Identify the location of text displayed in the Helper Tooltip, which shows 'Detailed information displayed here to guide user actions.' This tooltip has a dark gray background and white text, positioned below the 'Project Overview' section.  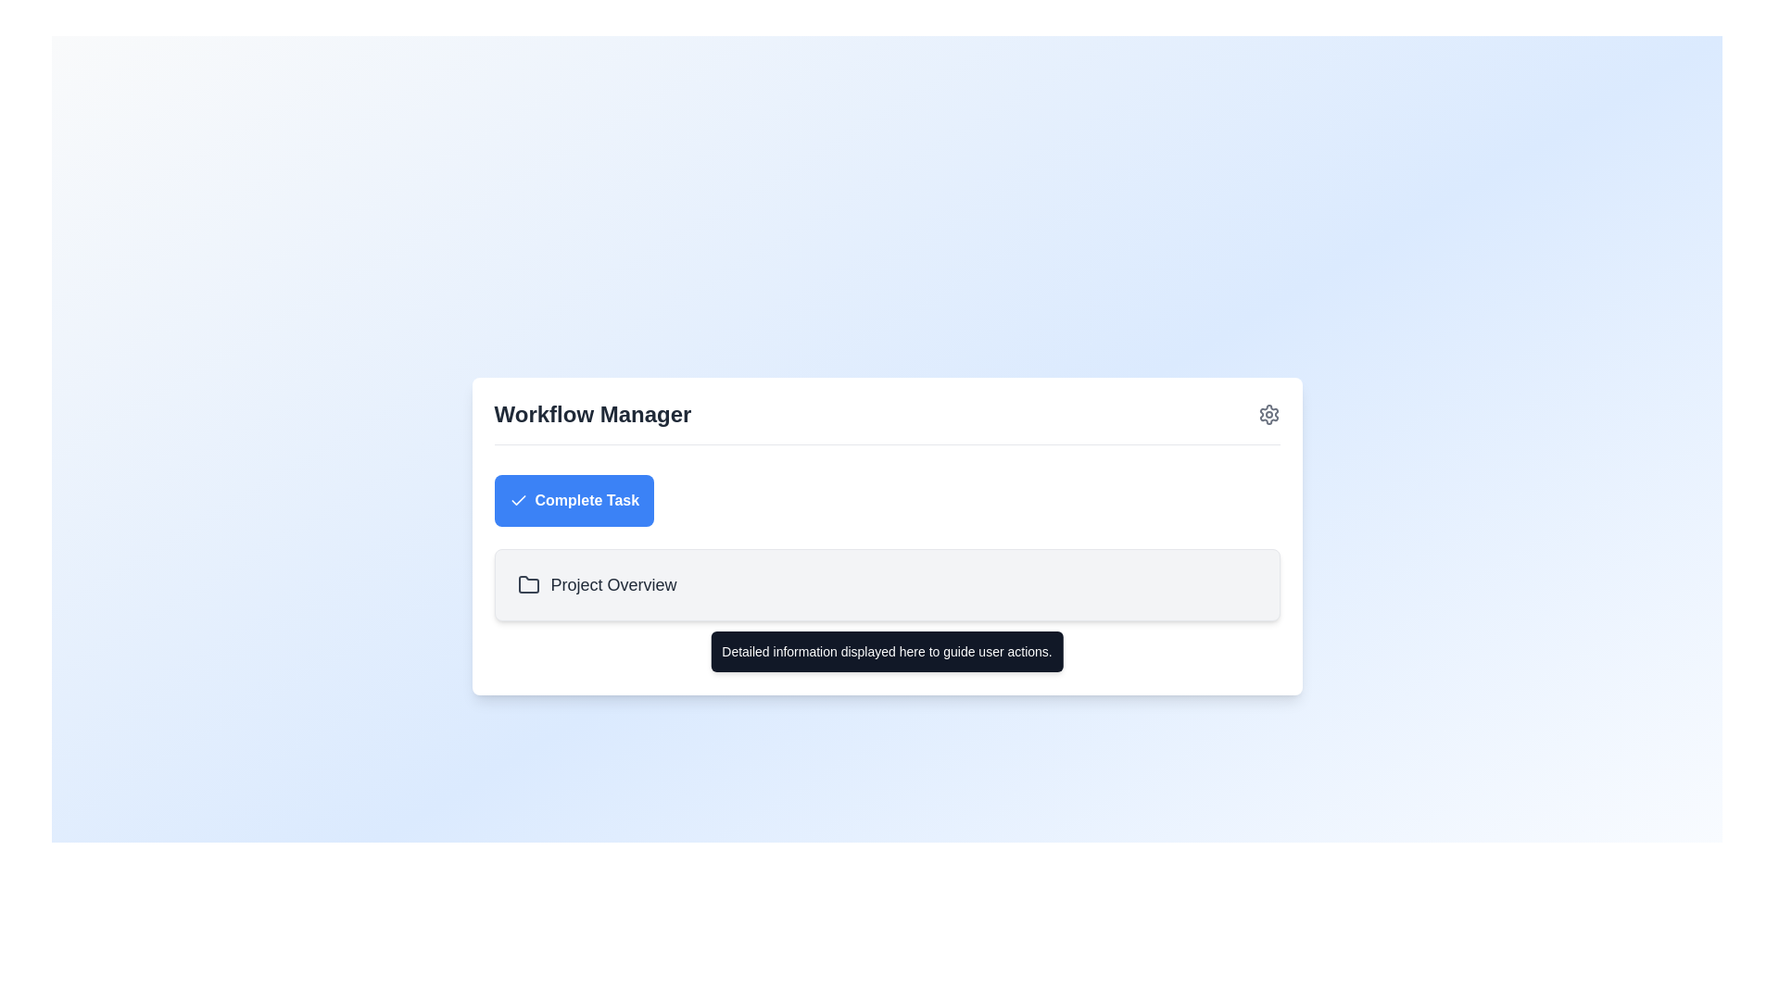
(886, 650).